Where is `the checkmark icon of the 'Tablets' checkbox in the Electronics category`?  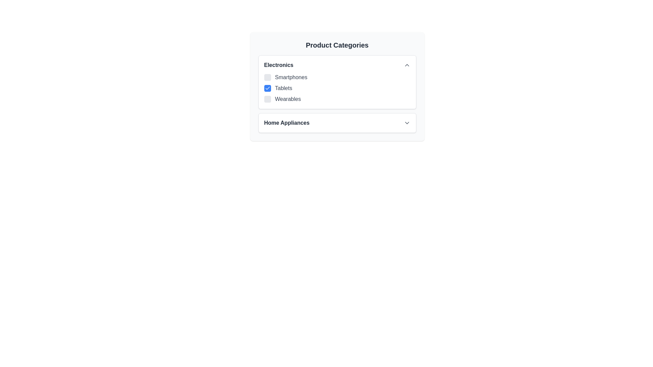 the checkmark icon of the 'Tablets' checkbox in the Electronics category is located at coordinates (267, 88).